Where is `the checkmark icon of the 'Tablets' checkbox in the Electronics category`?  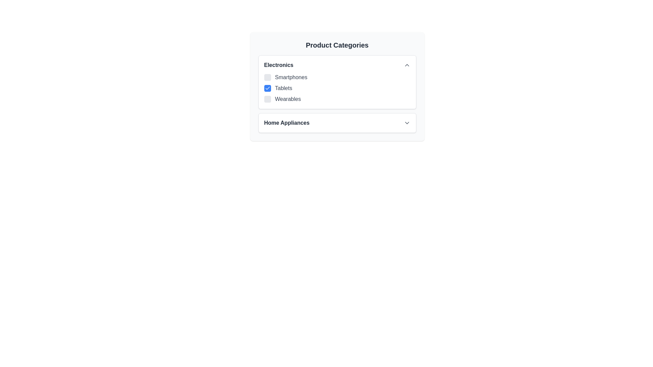 the checkmark icon of the 'Tablets' checkbox in the Electronics category is located at coordinates (267, 88).